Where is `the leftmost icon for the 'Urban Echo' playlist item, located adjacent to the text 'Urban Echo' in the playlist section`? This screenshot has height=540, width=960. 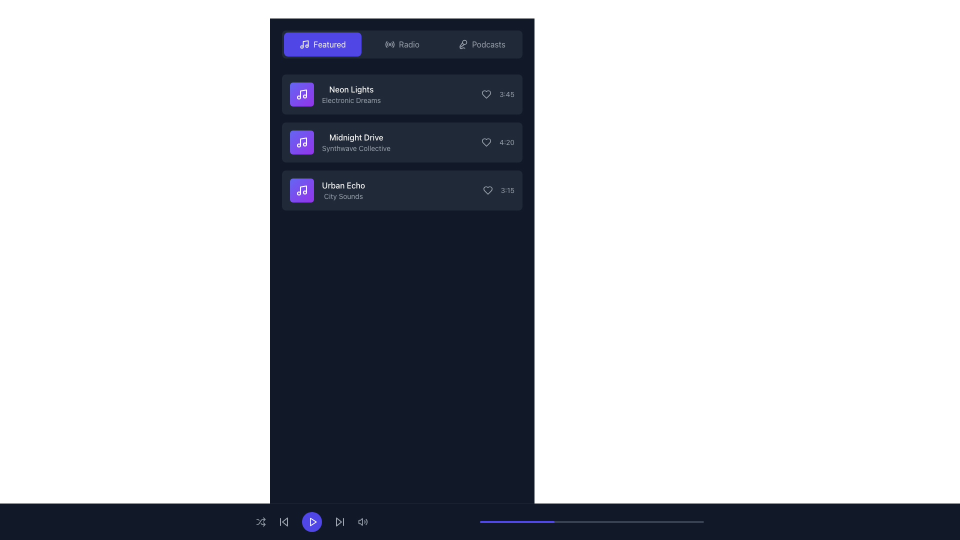
the leftmost icon for the 'Urban Echo' playlist item, located adjacent to the text 'Urban Echo' in the playlist section is located at coordinates (301, 190).